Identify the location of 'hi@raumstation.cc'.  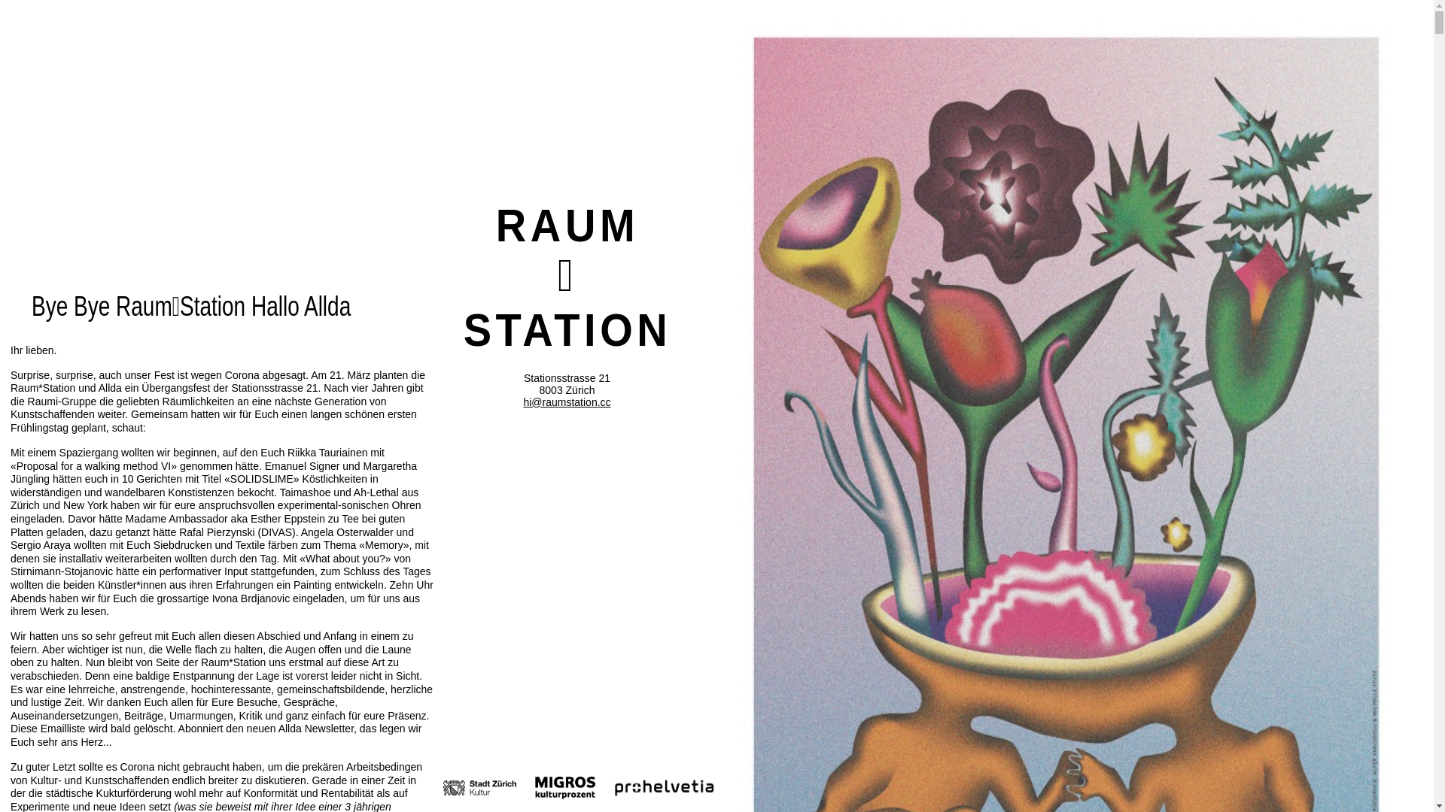
(566, 401).